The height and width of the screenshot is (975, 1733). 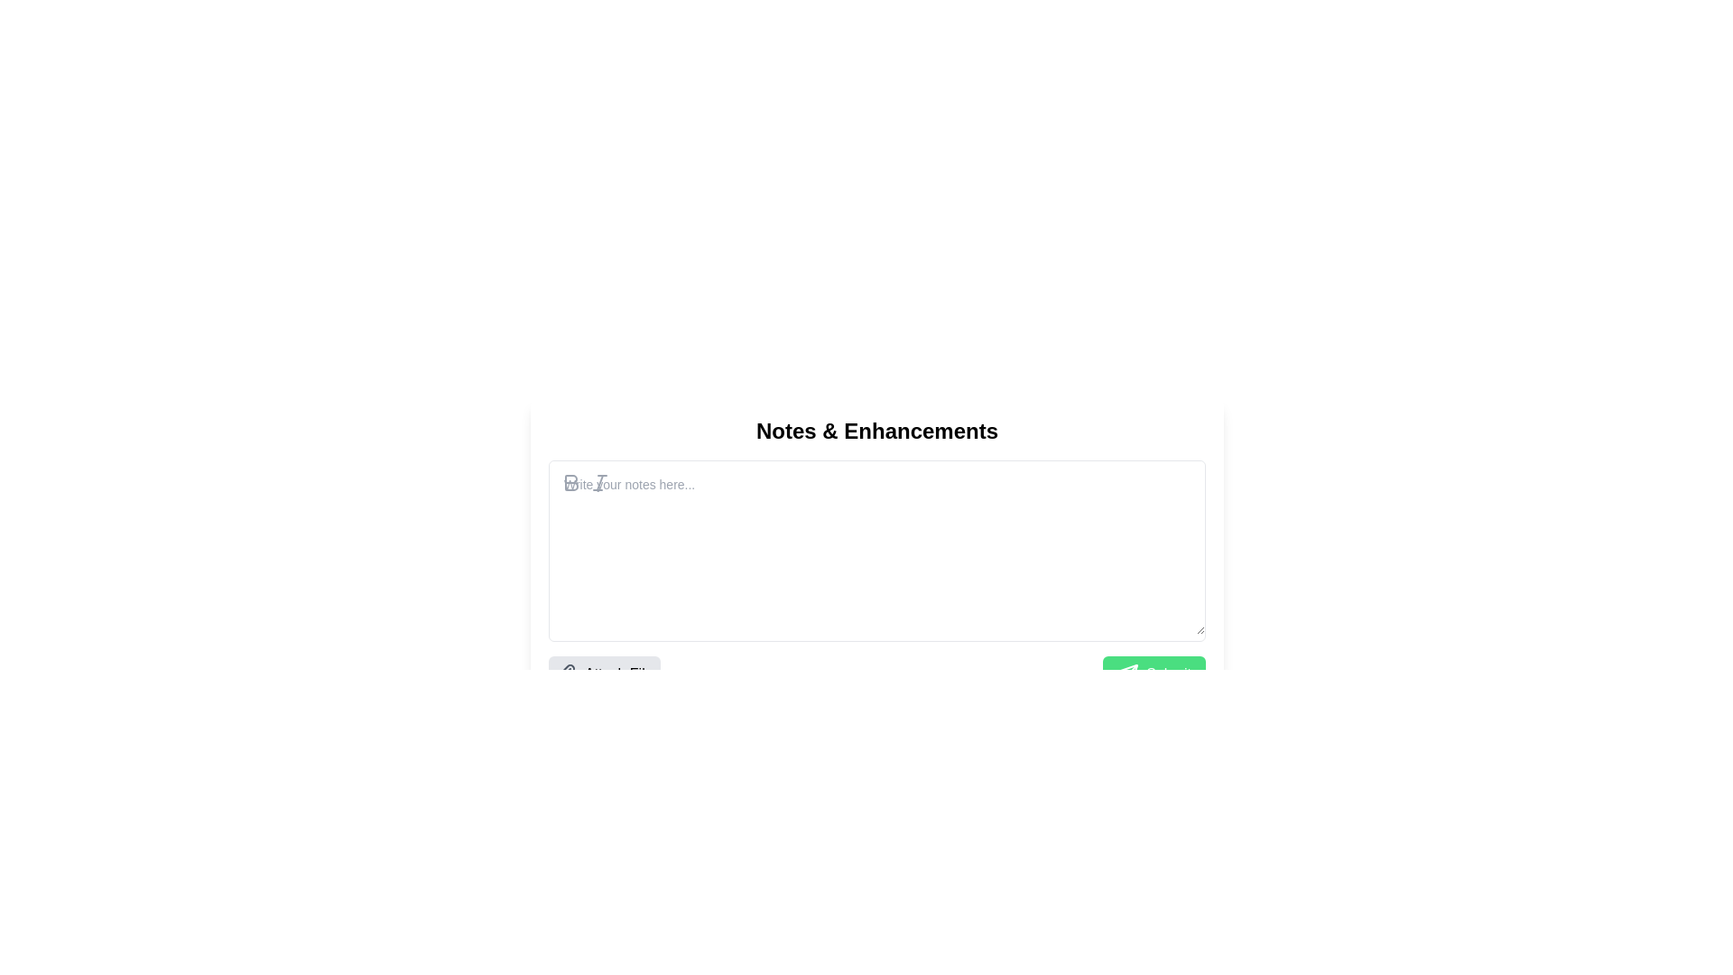 What do you see at coordinates (585, 482) in the screenshot?
I see `the 'Bold' icon in the Control Panel for Text Formatting to apply bold styling to the text` at bounding box center [585, 482].